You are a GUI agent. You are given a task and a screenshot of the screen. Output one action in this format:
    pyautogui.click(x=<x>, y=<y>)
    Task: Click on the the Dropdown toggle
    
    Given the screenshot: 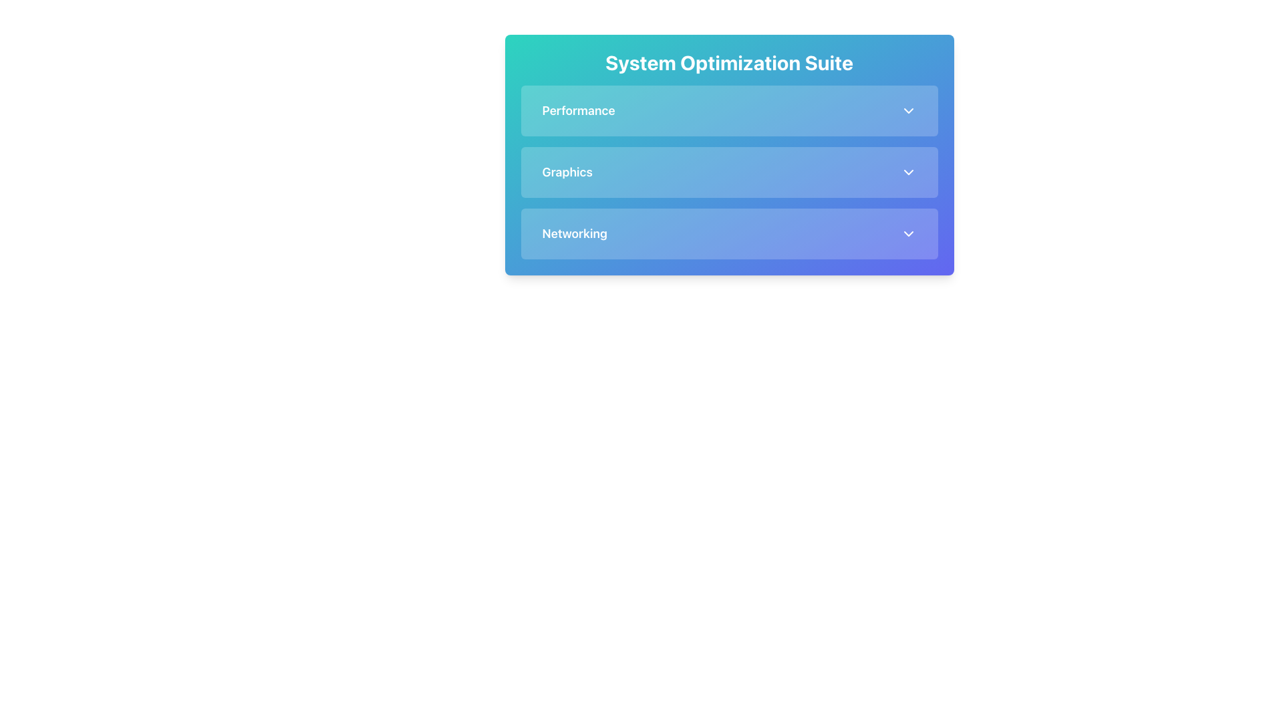 What is the action you would take?
    pyautogui.click(x=728, y=172)
    